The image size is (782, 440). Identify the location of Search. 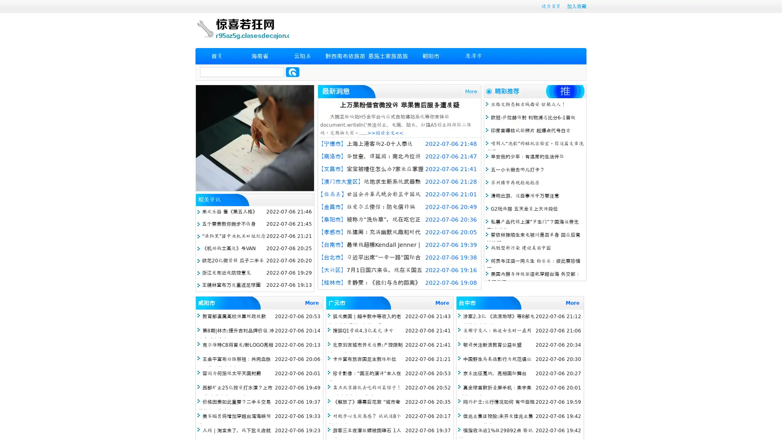
(292, 72).